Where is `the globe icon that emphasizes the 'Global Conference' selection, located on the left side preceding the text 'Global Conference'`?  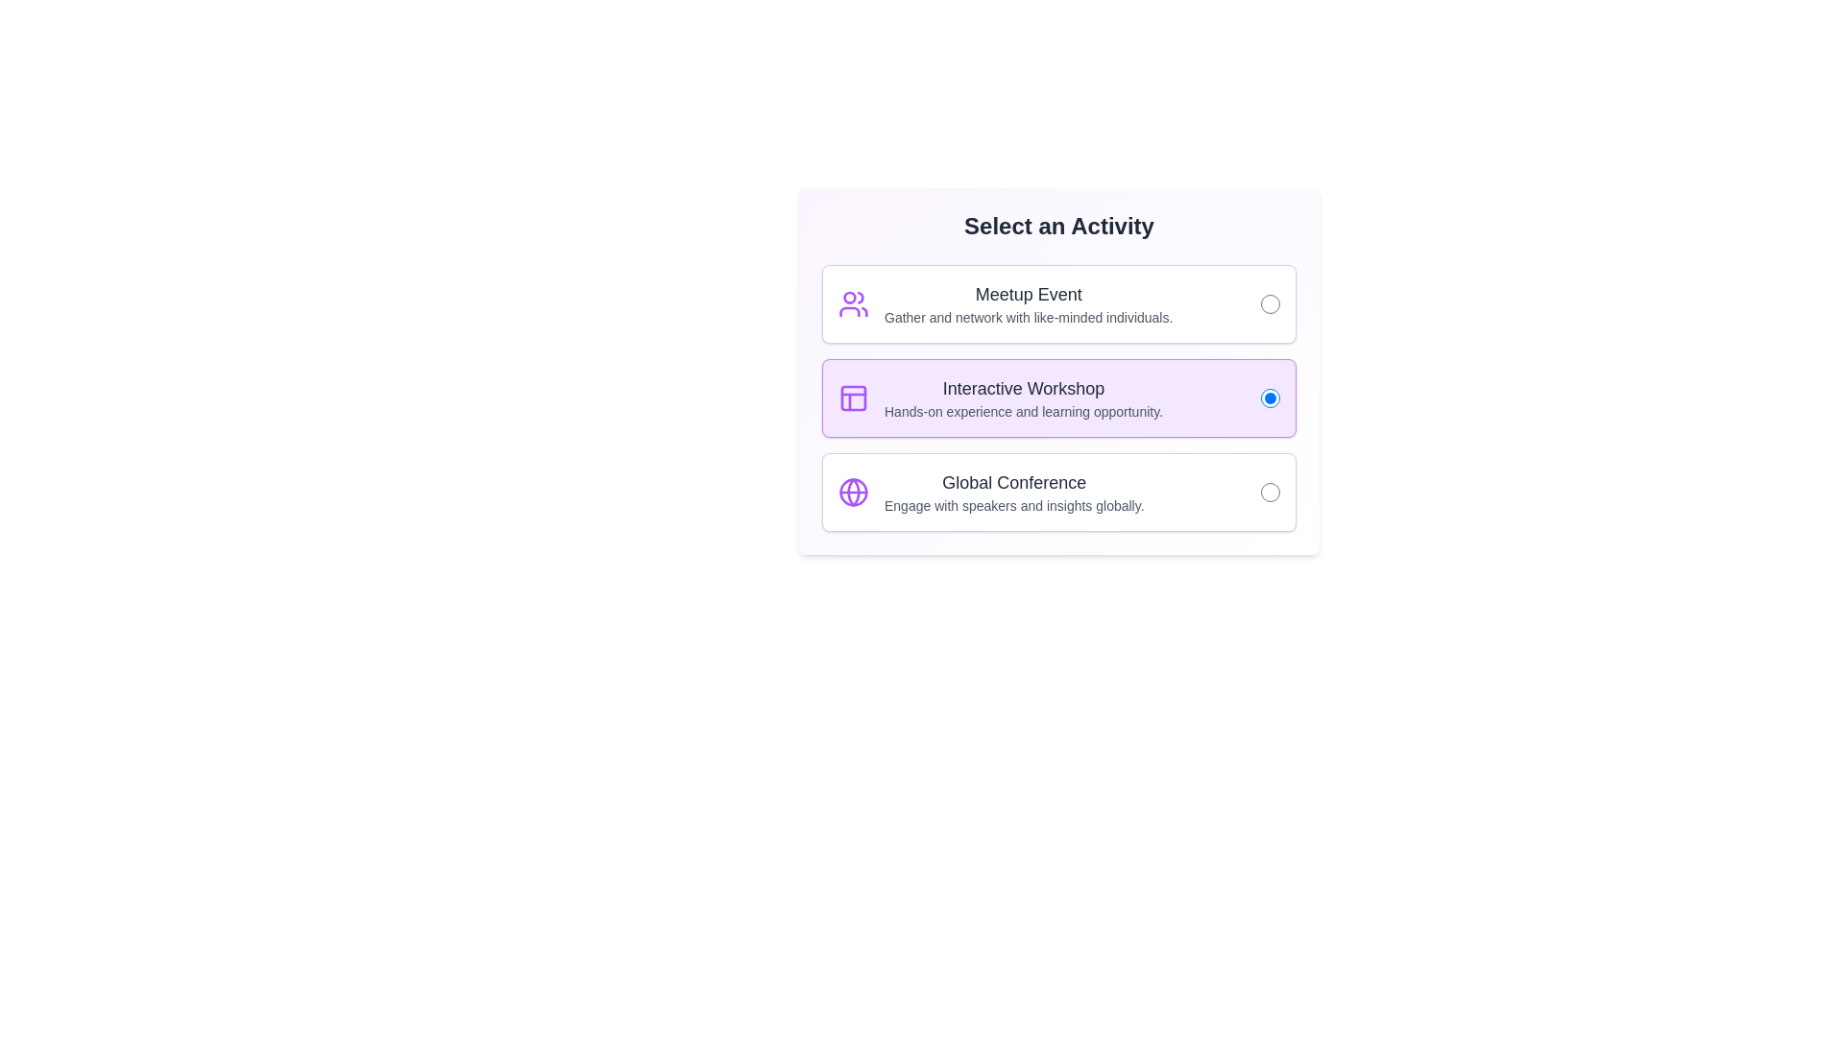 the globe icon that emphasizes the 'Global Conference' selection, located on the left side preceding the text 'Global Conference' is located at coordinates (852, 492).